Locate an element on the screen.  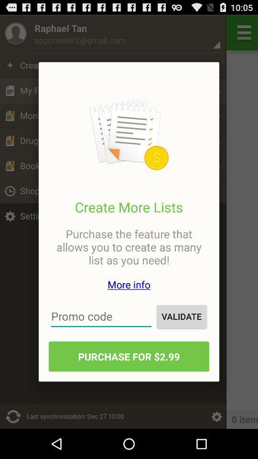
the purchase for 2 is located at coordinates (129, 356).